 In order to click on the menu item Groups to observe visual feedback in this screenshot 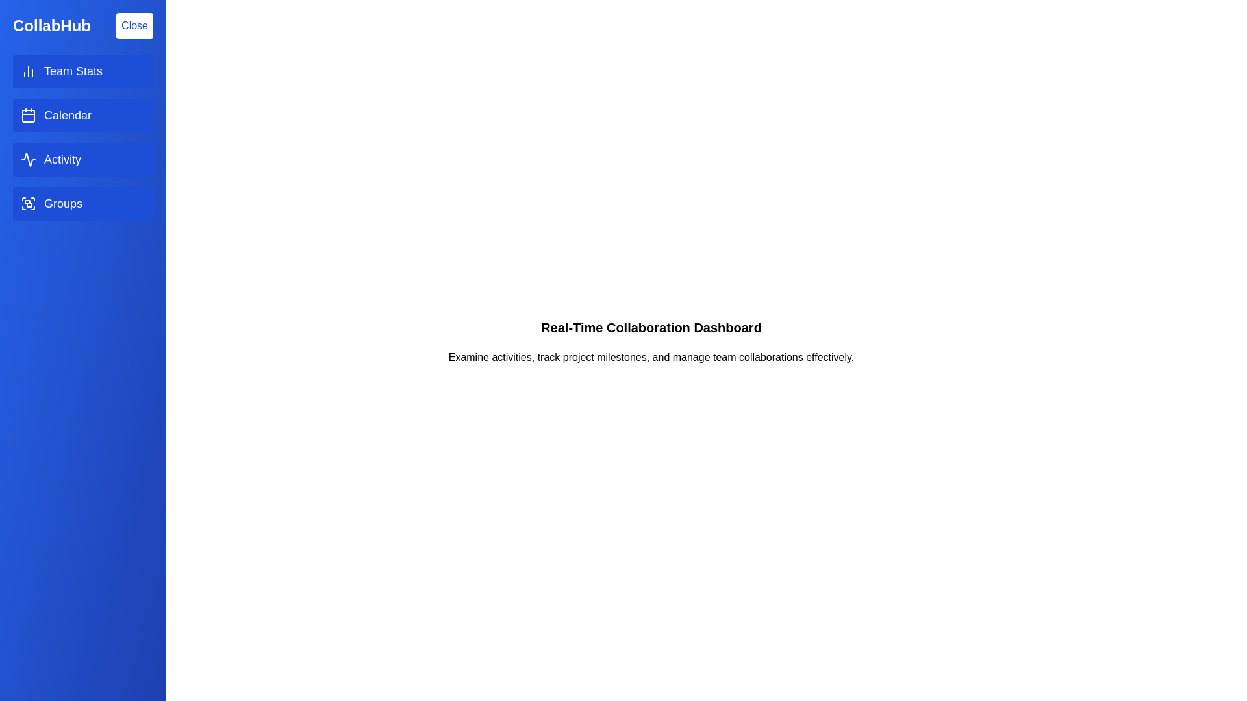, I will do `click(82, 203)`.